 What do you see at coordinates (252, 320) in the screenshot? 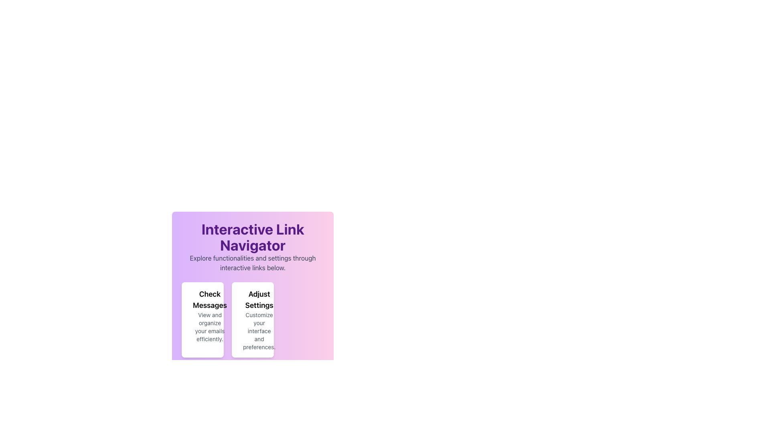
I see `text content of the informational card located centrally in the interface, which is the second card in a grid layout, positioned to the right of the 'Check Messages' card` at bounding box center [252, 320].